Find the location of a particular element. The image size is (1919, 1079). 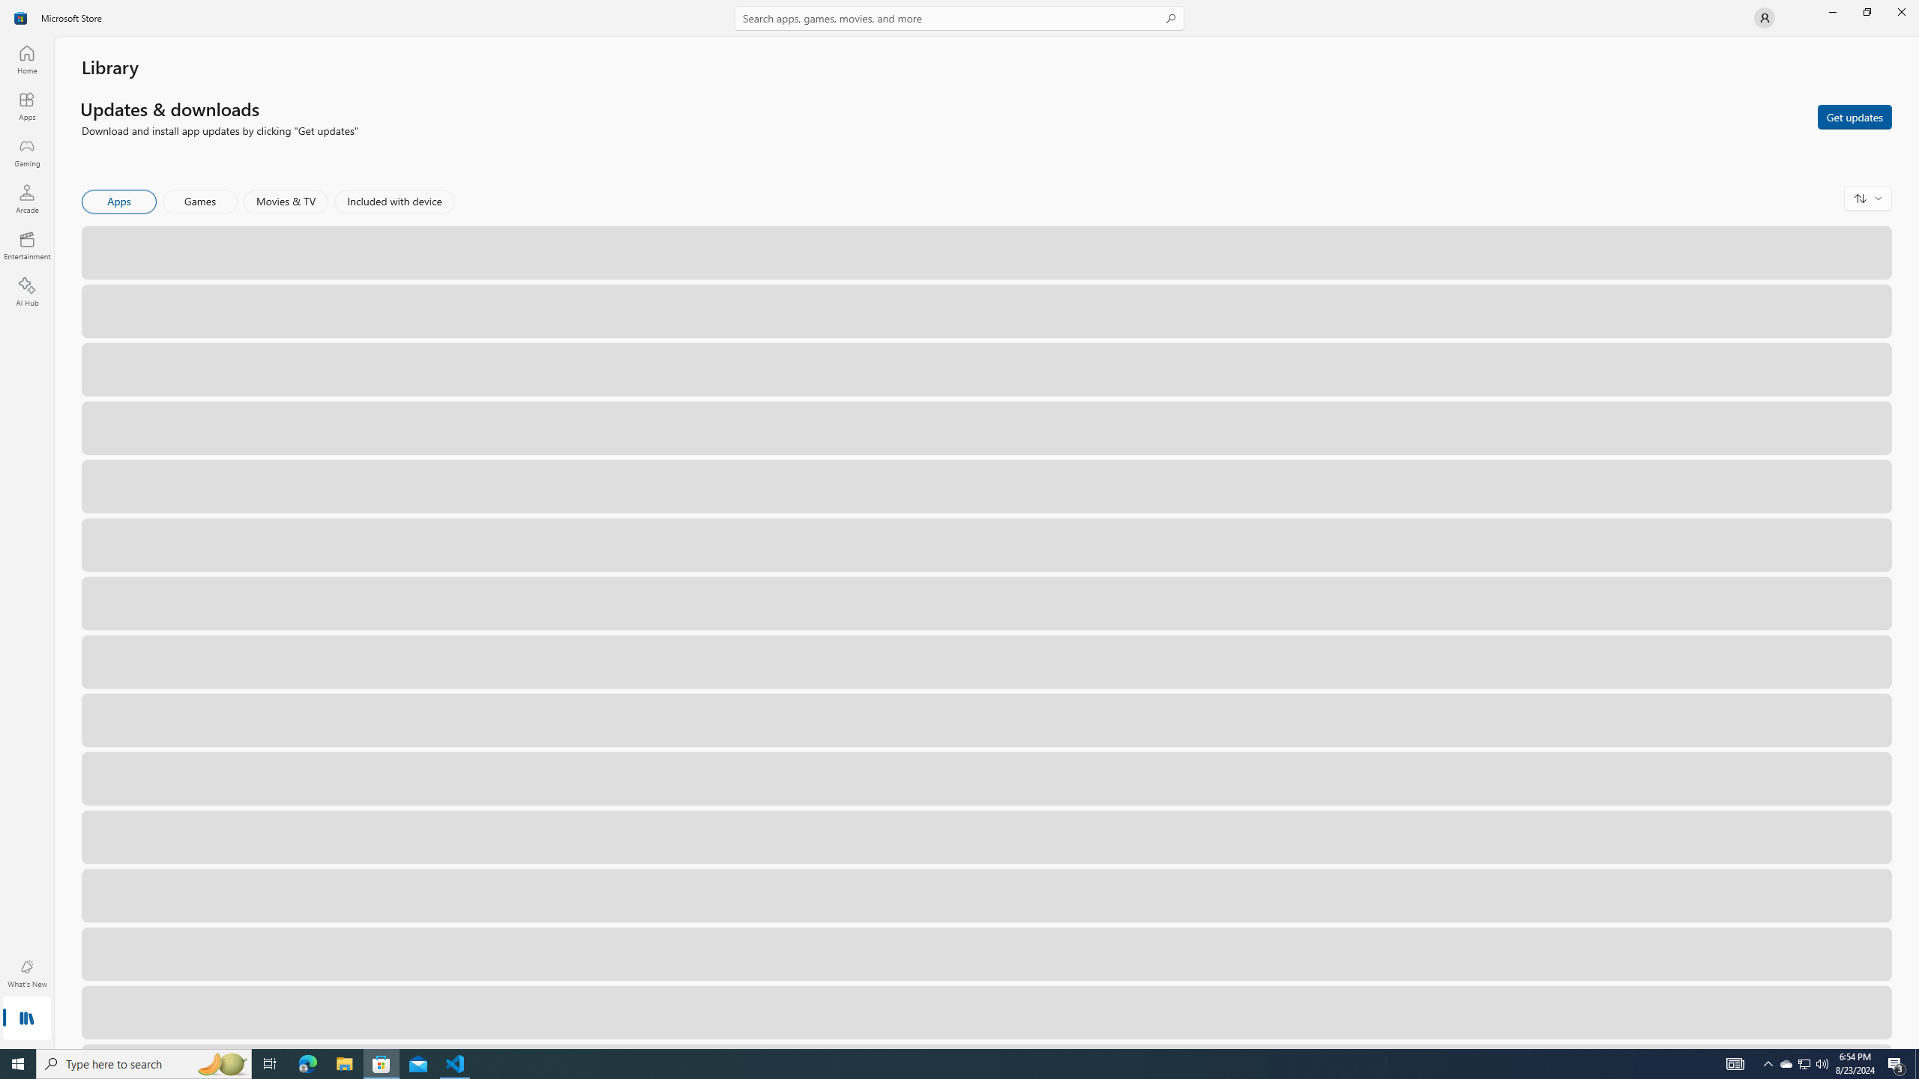

'Games' is located at coordinates (199, 201).